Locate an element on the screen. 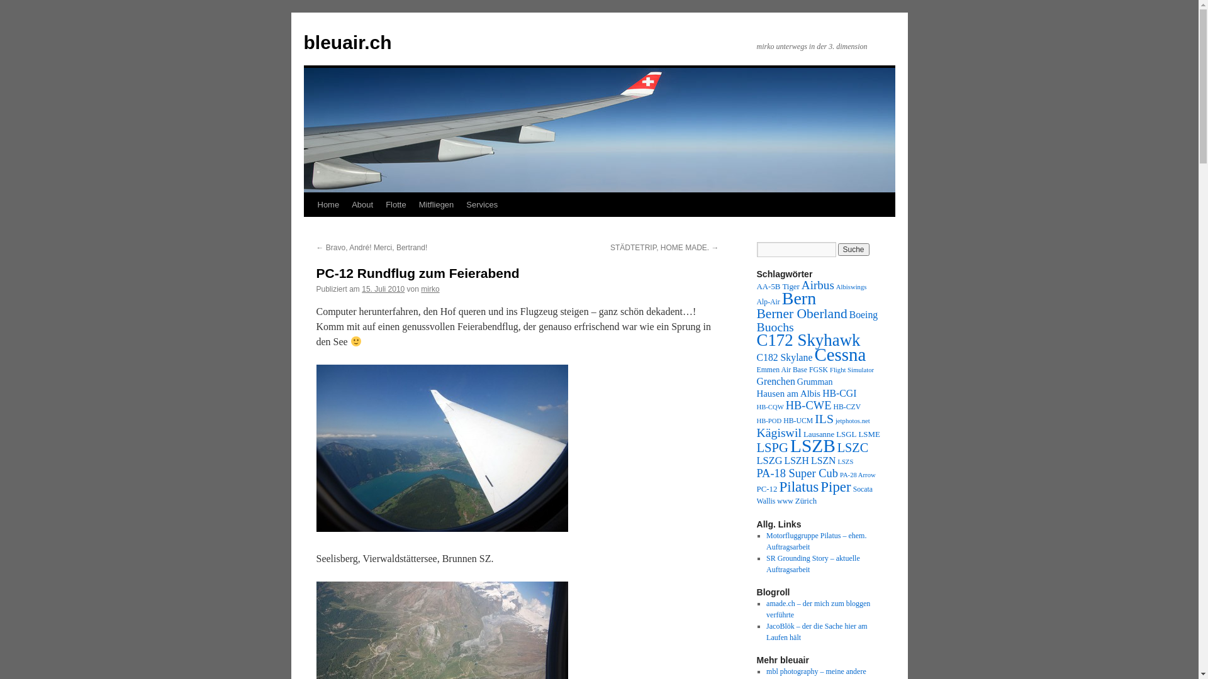  'Grumman' is located at coordinates (815, 381).